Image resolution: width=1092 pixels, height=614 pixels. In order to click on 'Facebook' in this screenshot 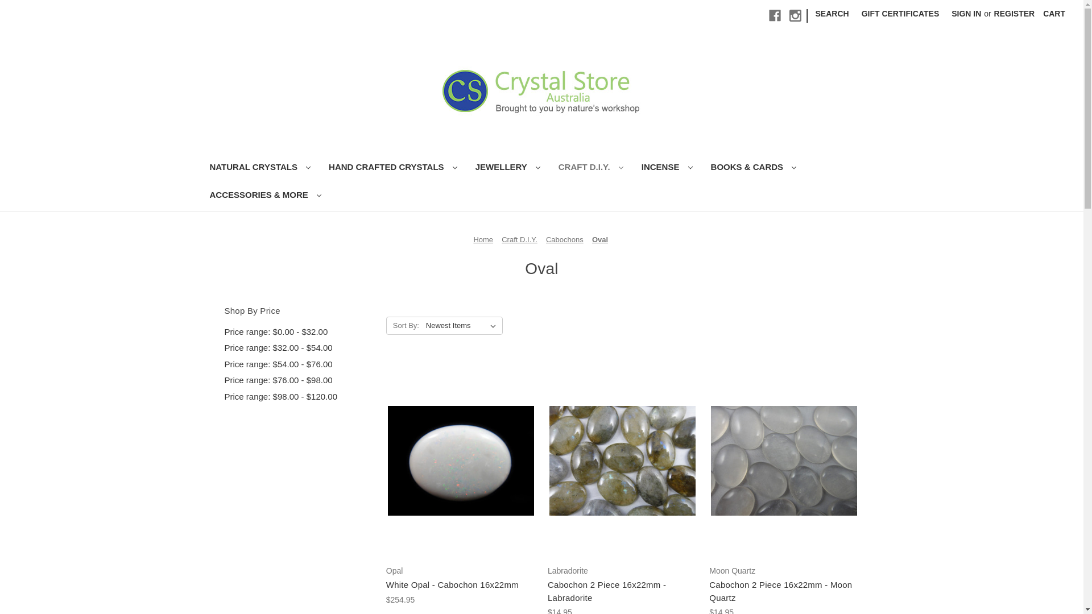, I will do `click(769, 15)`.